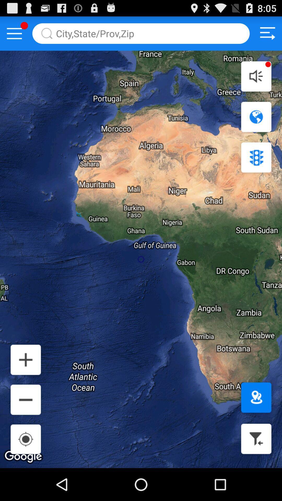 The image size is (282, 501). Describe the element at coordinates (256, 397) in the screenshot. I see `location button` at that location.